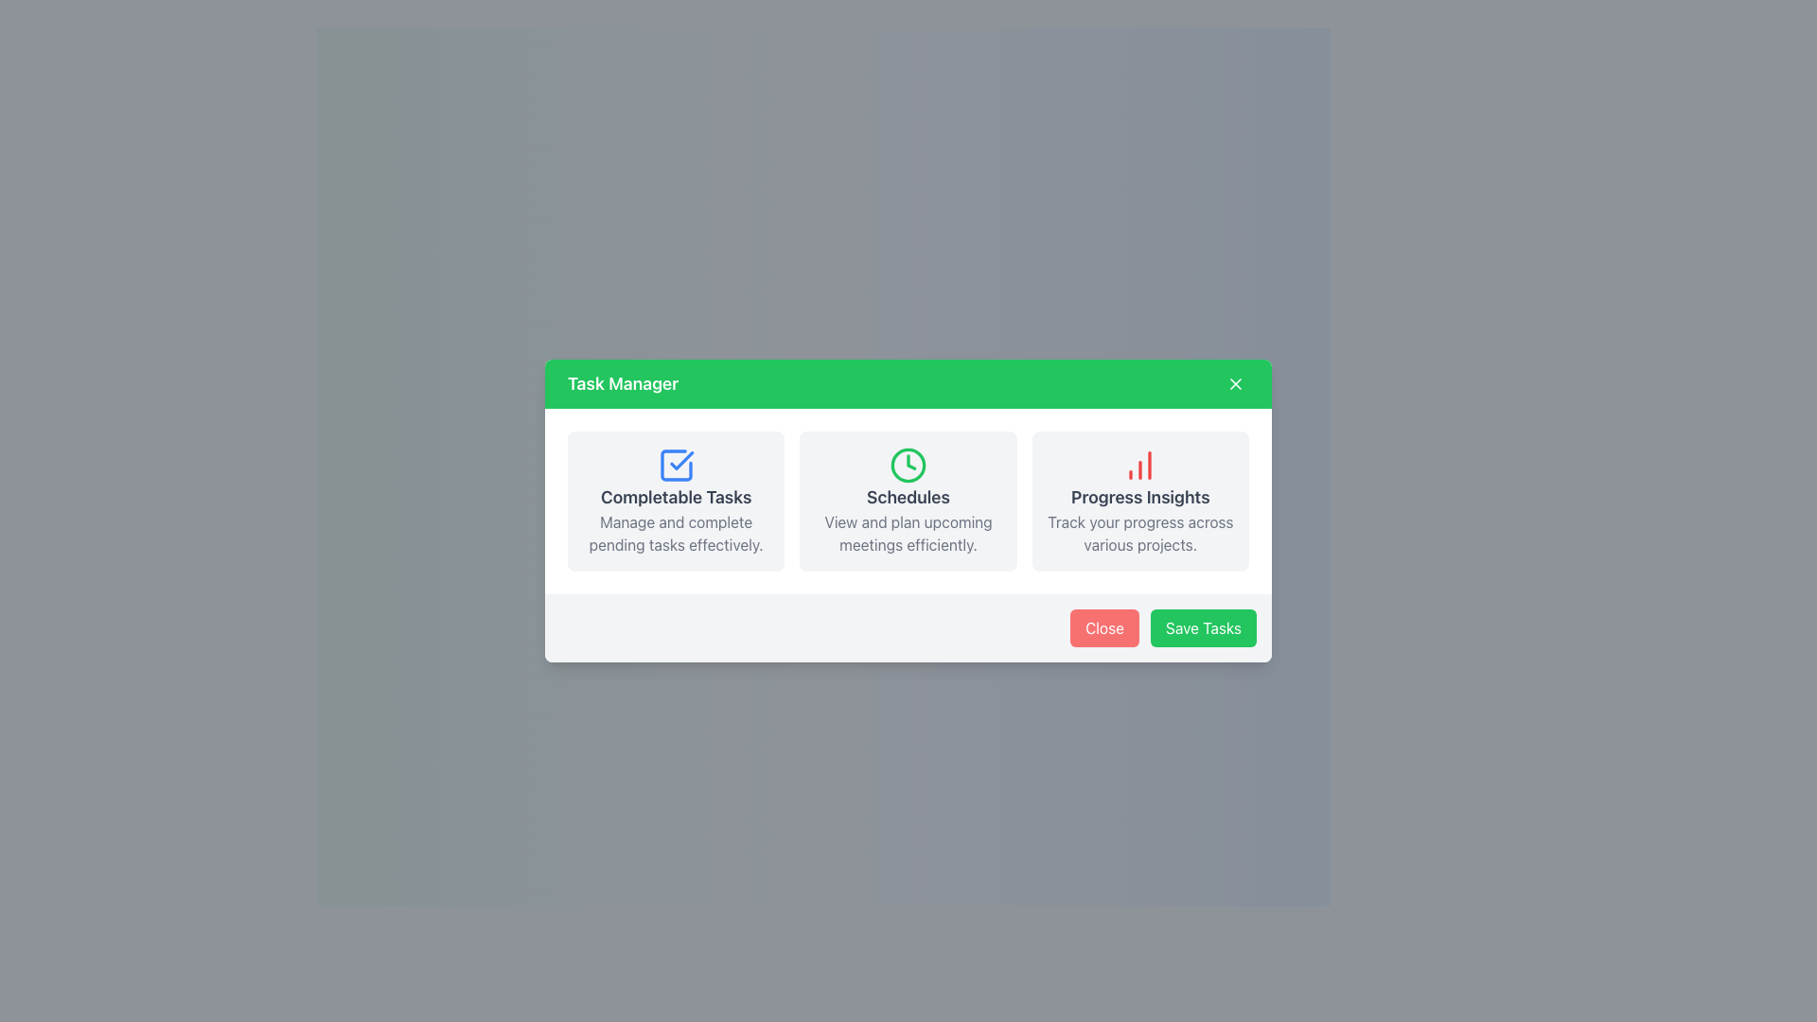 The width and height of the screenshot is (1817, 1022). What do you see at coordinates (1104, 627) in the screenshot?
I see `the 'Close' button located in the lower-right section of the modal popup, which has a red background and changes to a darker red when hovered over` at bounding box center [1104, 627].